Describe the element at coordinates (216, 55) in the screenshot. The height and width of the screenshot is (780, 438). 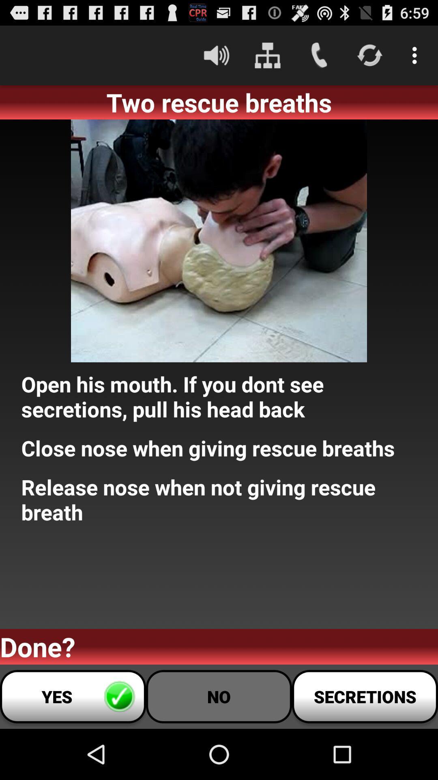
I see `icon above the two rescue breaths app` at that location.